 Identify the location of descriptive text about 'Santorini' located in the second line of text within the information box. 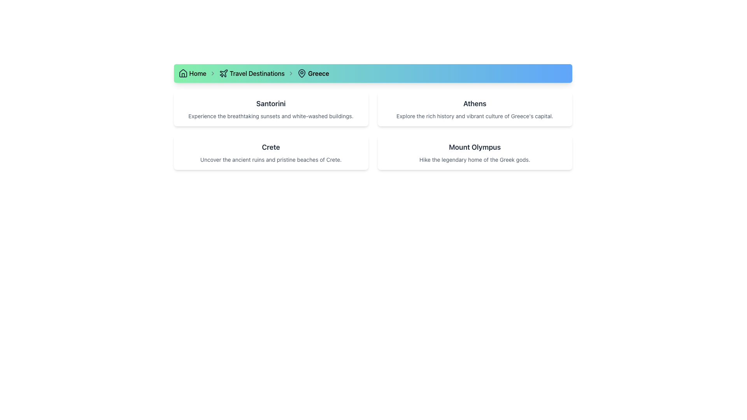
(271, 116).